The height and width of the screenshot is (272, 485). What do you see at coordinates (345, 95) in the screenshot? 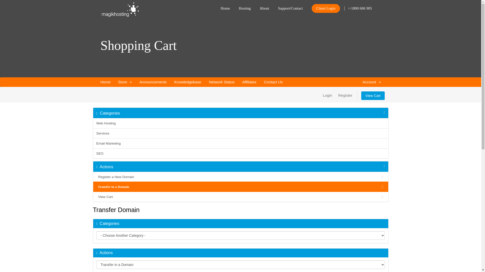
I see `'Register'` at bounding box center [345, 95].